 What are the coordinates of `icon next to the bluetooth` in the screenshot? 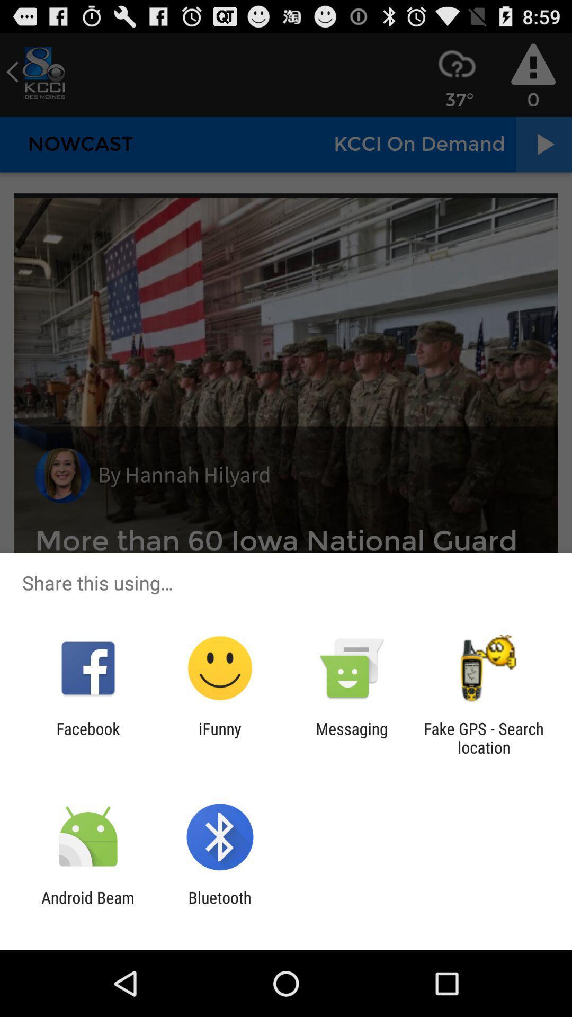 It's located at (87, 906).